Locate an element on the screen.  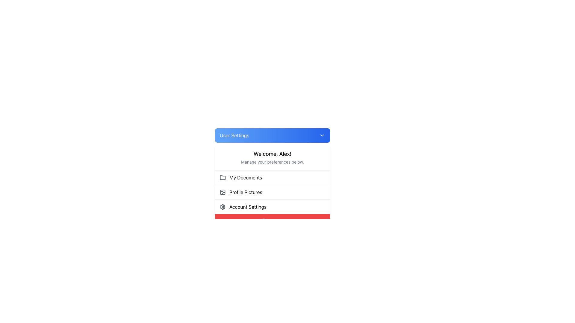
the gear icon located in the 'Account Settings' section, positioned near the bottom of the list is located at coordinates (223, 206).